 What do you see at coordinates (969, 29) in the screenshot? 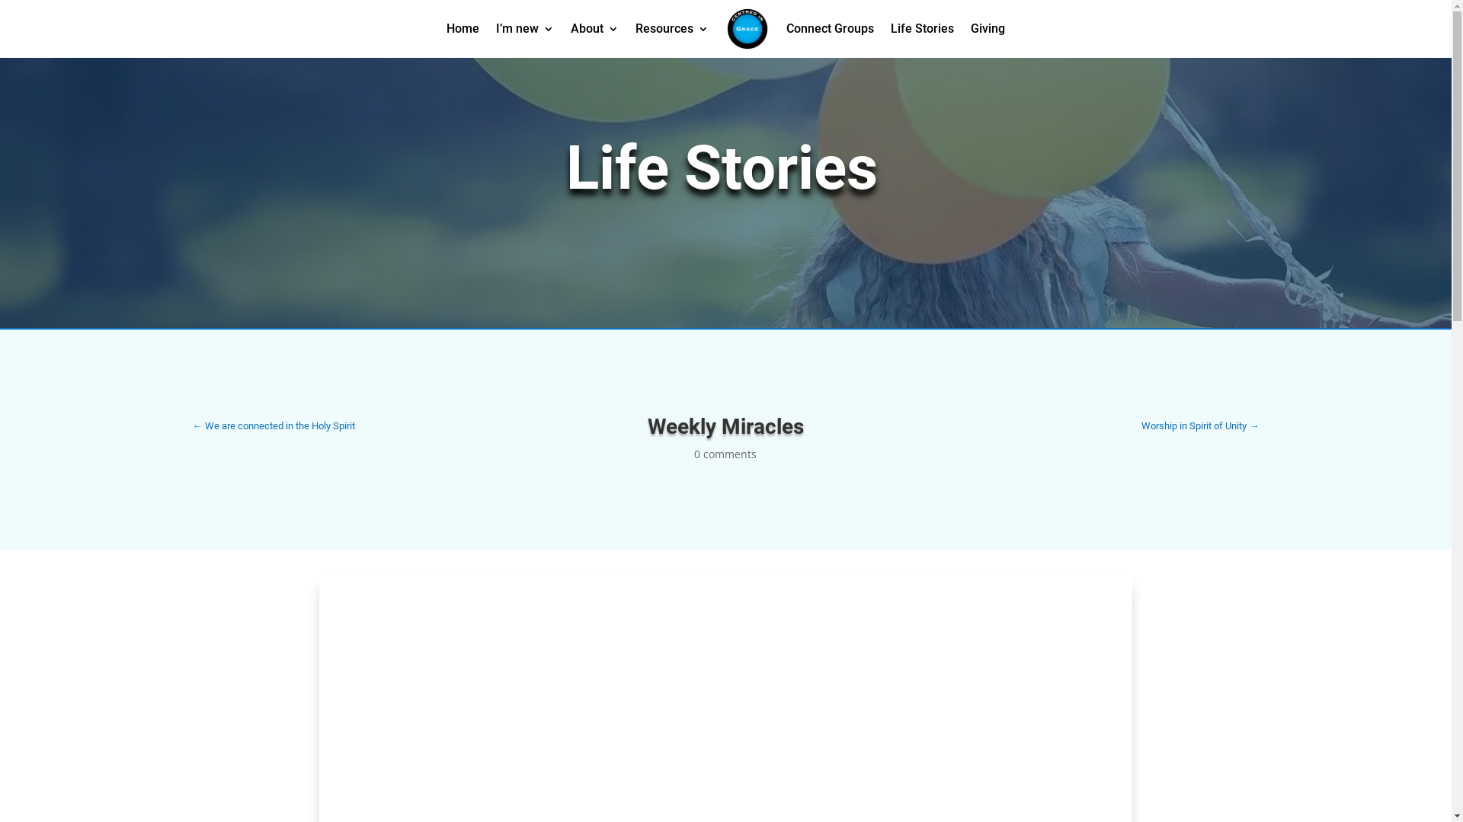
I see `'Giving'` at bounding box center [969, 29].